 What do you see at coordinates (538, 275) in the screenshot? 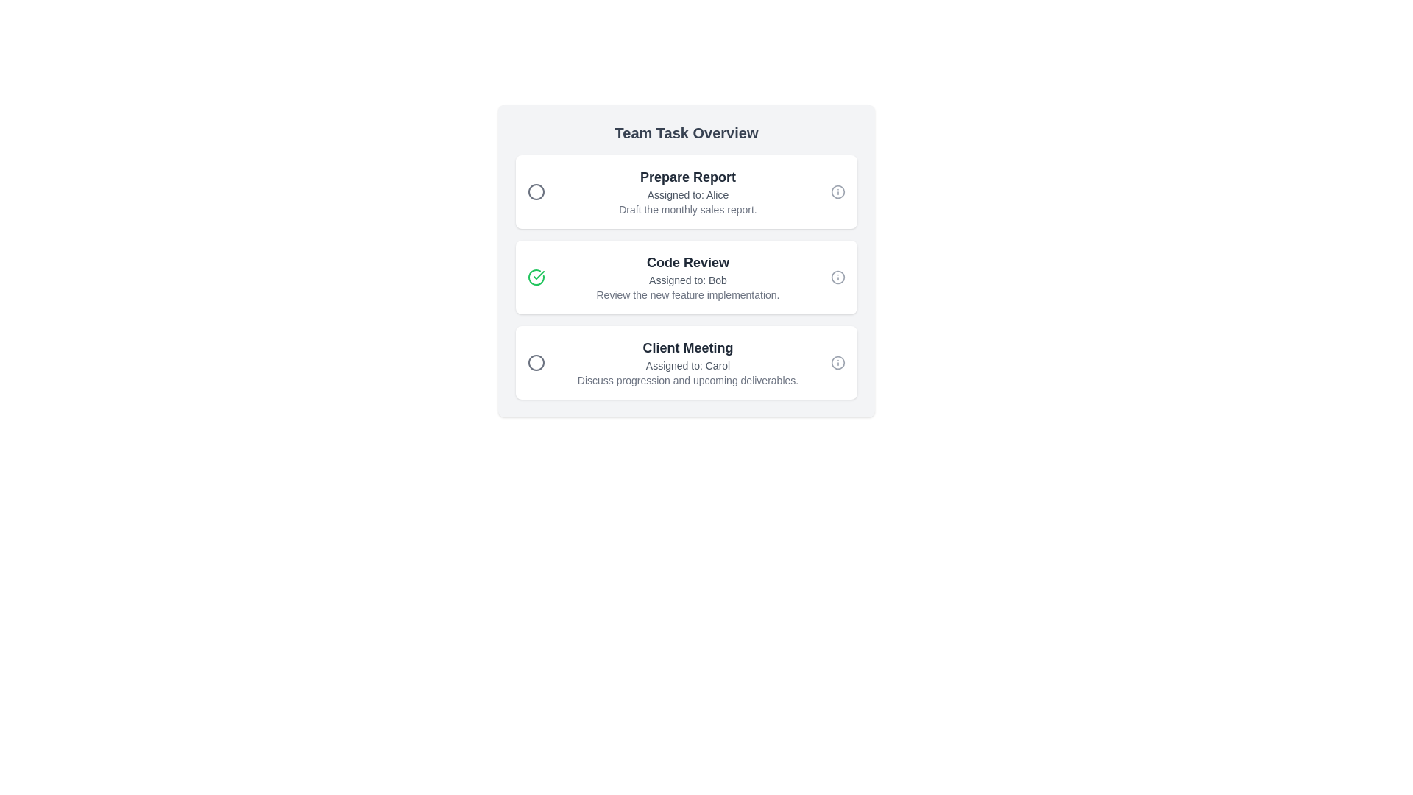
I see `the success icon located inside the second task card labeled 'Code Review' in the 'Team Task Overview' section` at bounding box center [538, 275].